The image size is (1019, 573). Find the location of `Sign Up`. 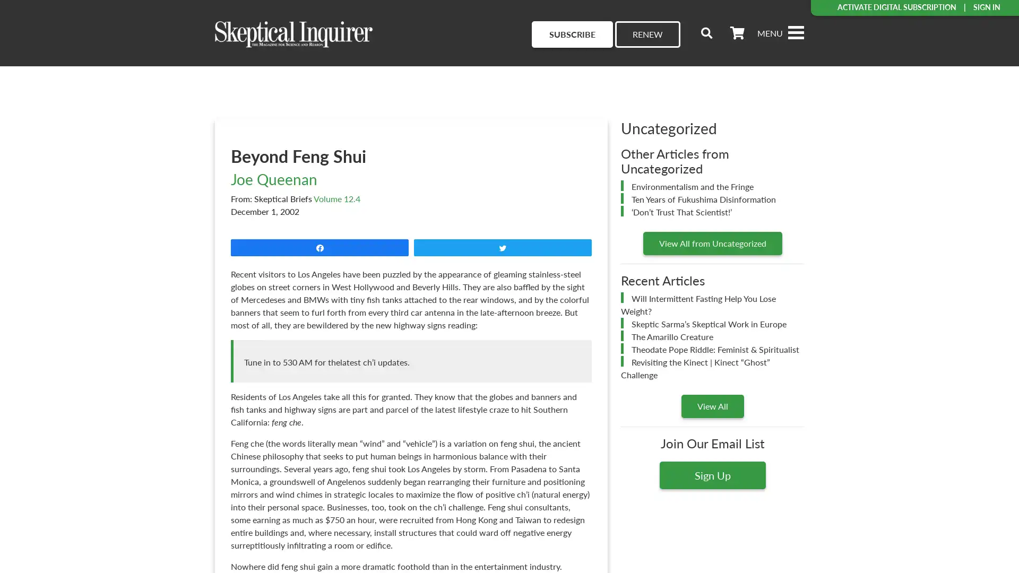

Sign Up is located at coordinates (712, 474).